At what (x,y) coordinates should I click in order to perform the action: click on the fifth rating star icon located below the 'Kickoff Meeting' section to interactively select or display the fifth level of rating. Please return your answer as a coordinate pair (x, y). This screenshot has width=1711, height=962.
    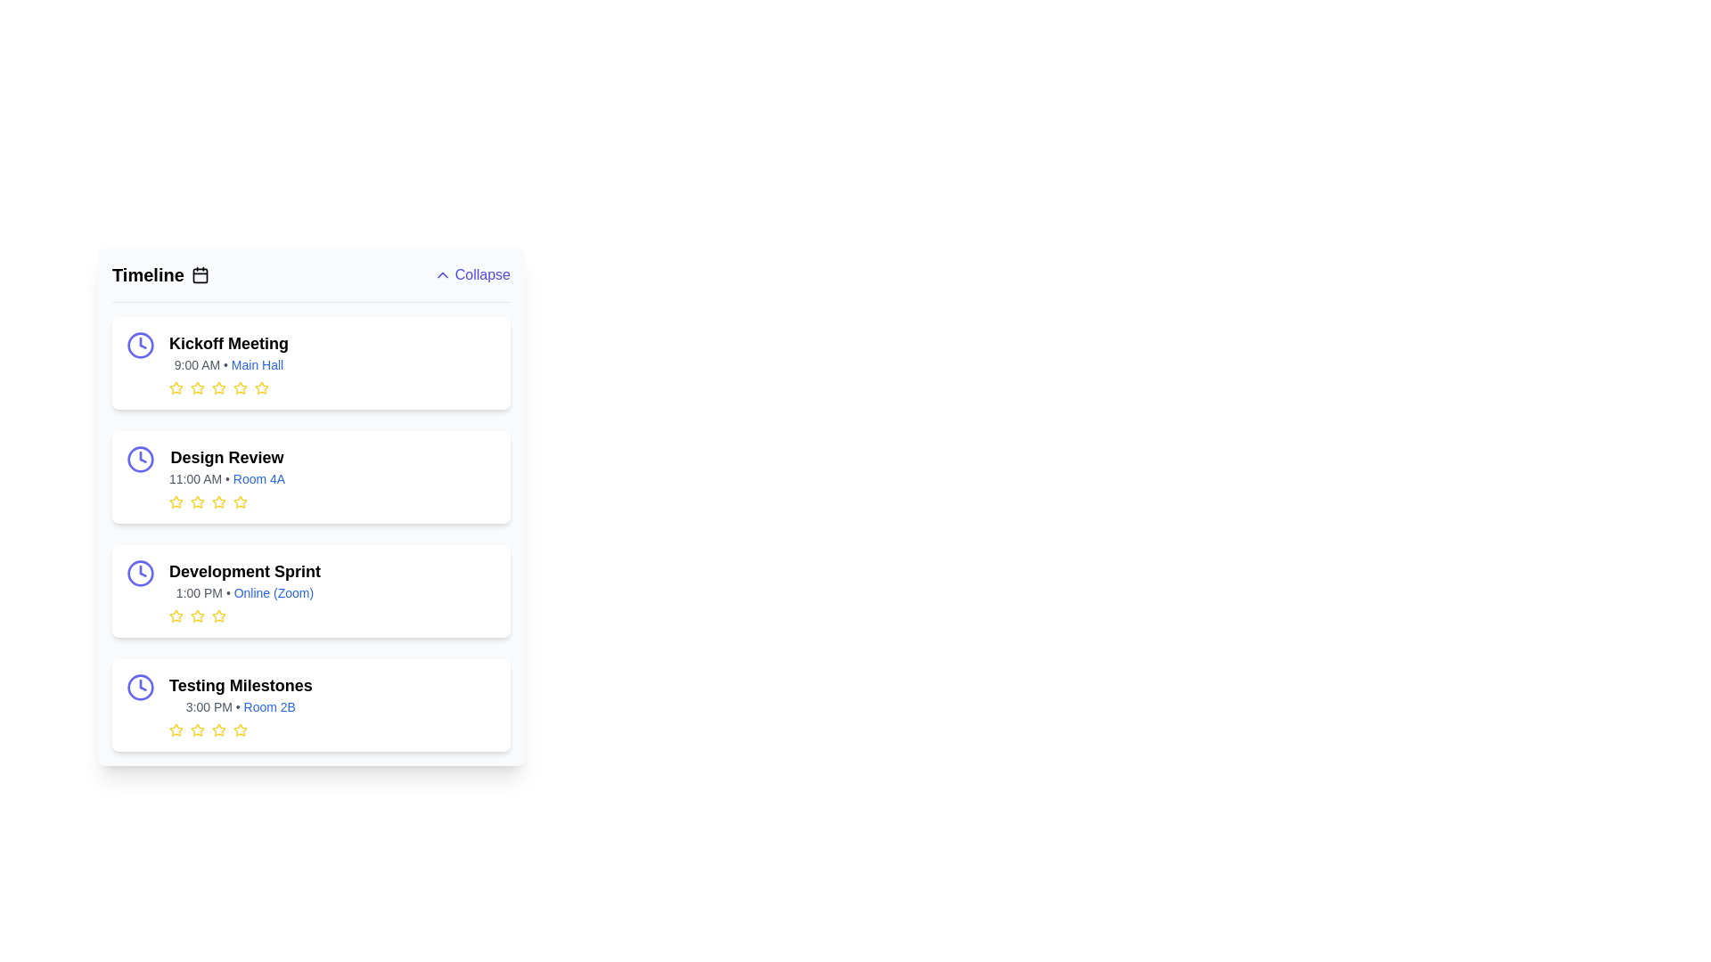
    Looking at the image, I should click on (217, 387).